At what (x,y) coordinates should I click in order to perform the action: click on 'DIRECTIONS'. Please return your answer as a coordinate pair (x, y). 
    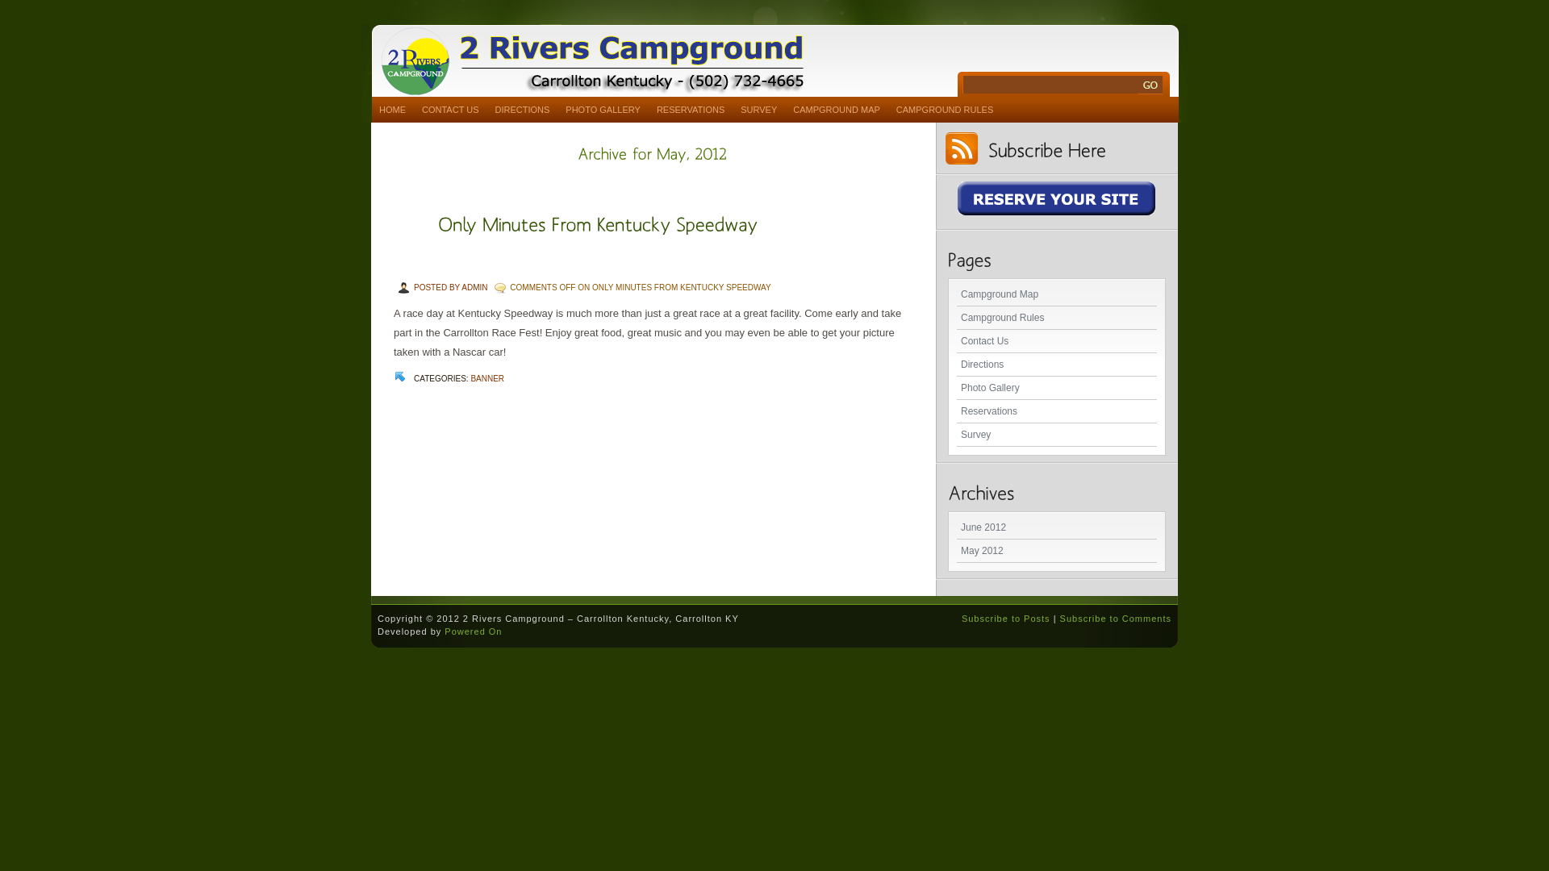
    Looking at the image, I should click on (486, 109).